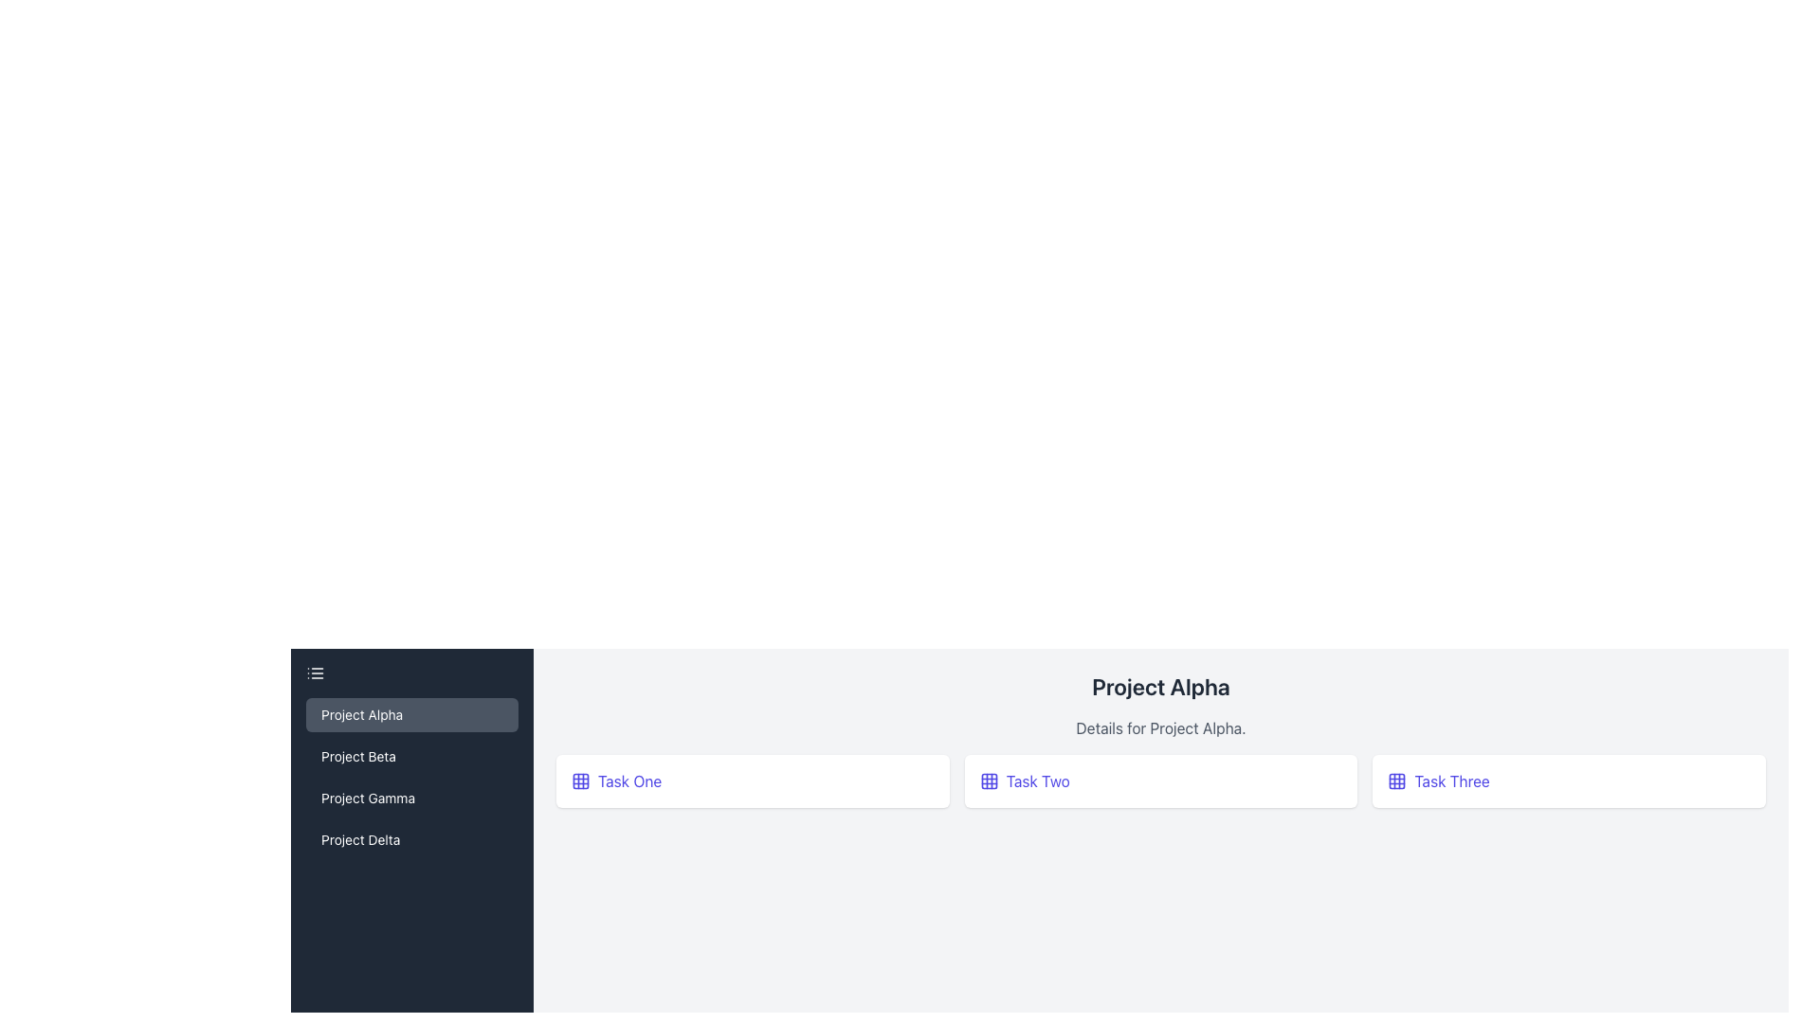  What do you see at coordinates (752, 781) in the screenshot?
I see `the leftmost card in the 'Project Alpha' section` at bounding box center [752, 781].